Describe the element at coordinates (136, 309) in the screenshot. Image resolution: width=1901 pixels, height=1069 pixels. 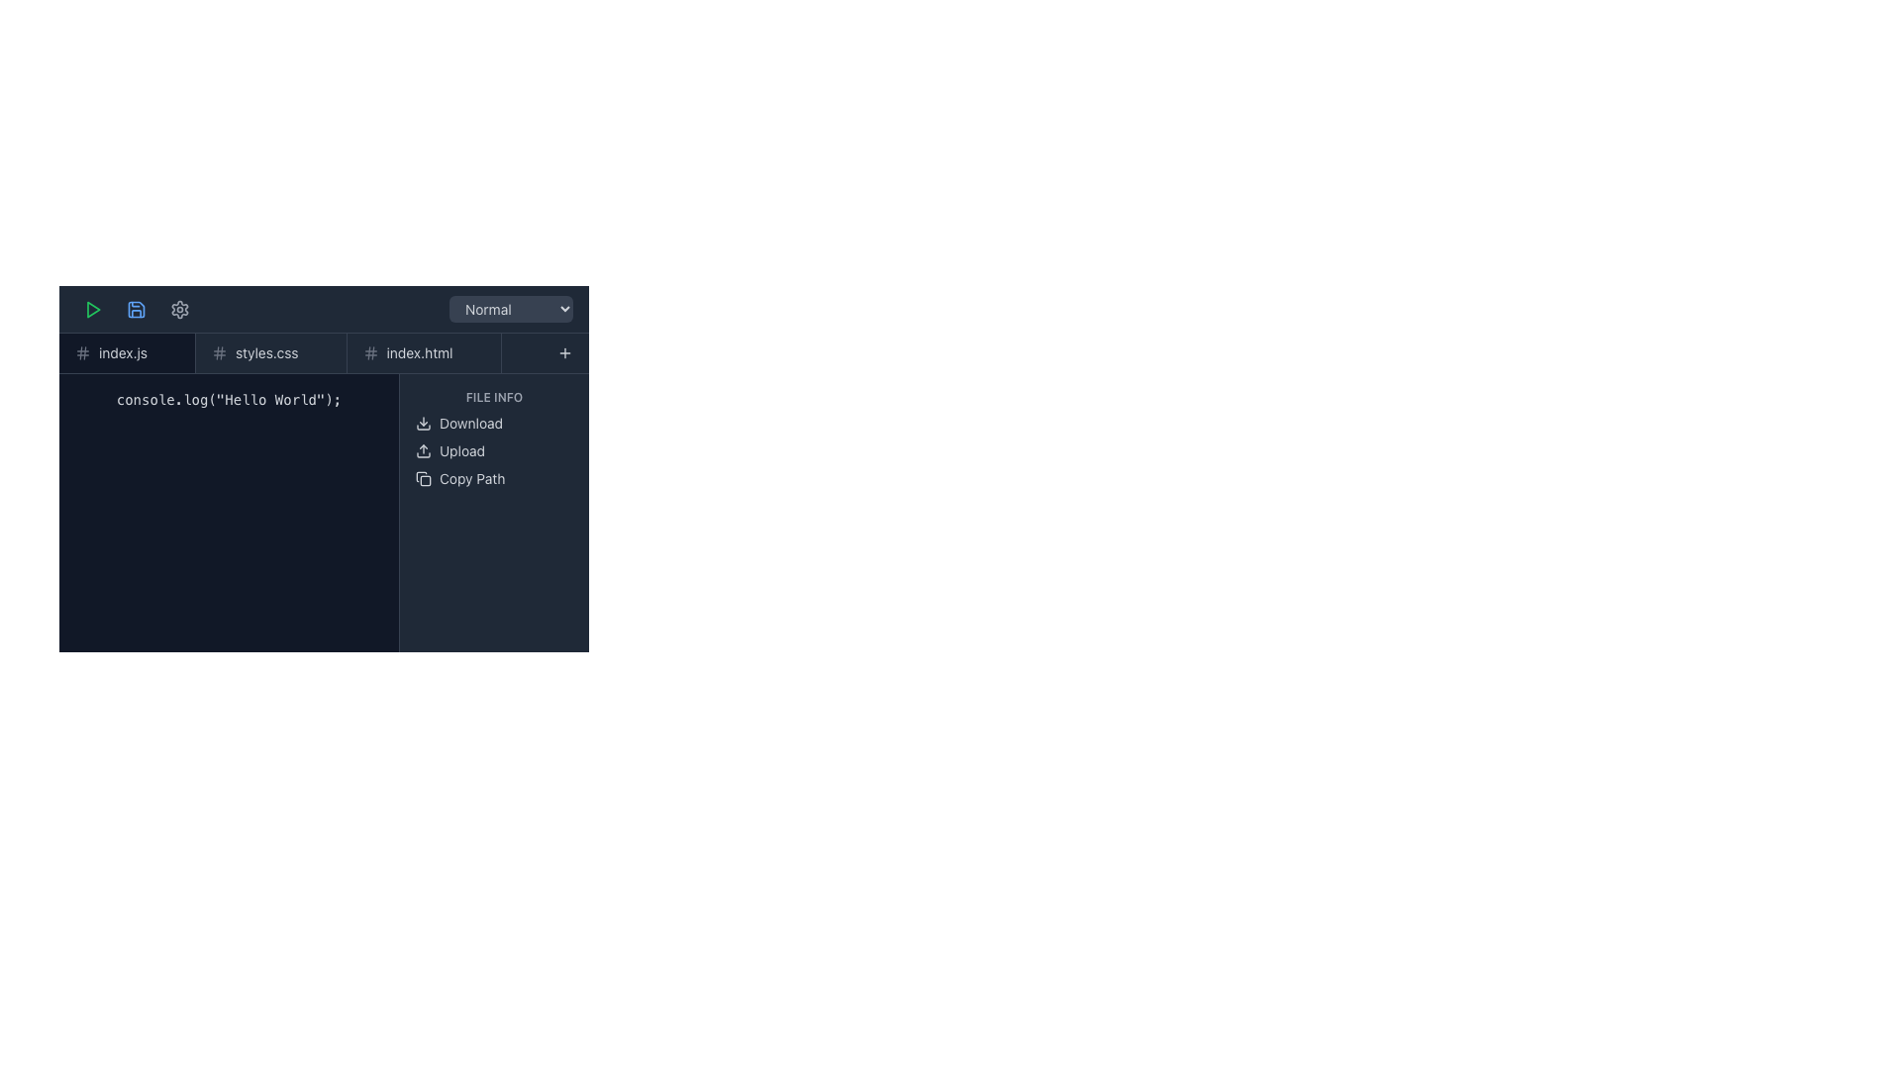
I see `the blue floppy disk icon button located in the top toolbar, which is the second icon from the left` at that location.